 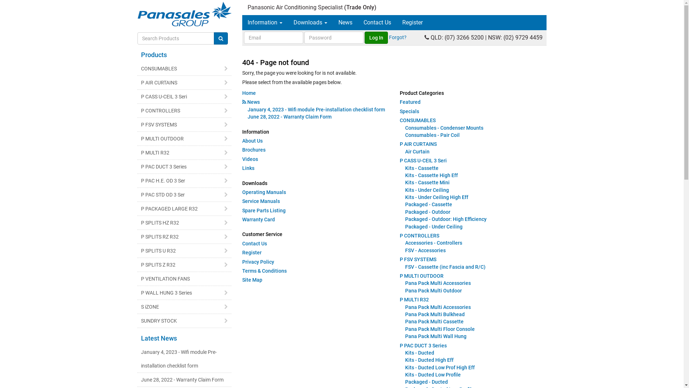 I want to click on 'Kits - Under Ceiling High Eff', so click(x=436, y=197).